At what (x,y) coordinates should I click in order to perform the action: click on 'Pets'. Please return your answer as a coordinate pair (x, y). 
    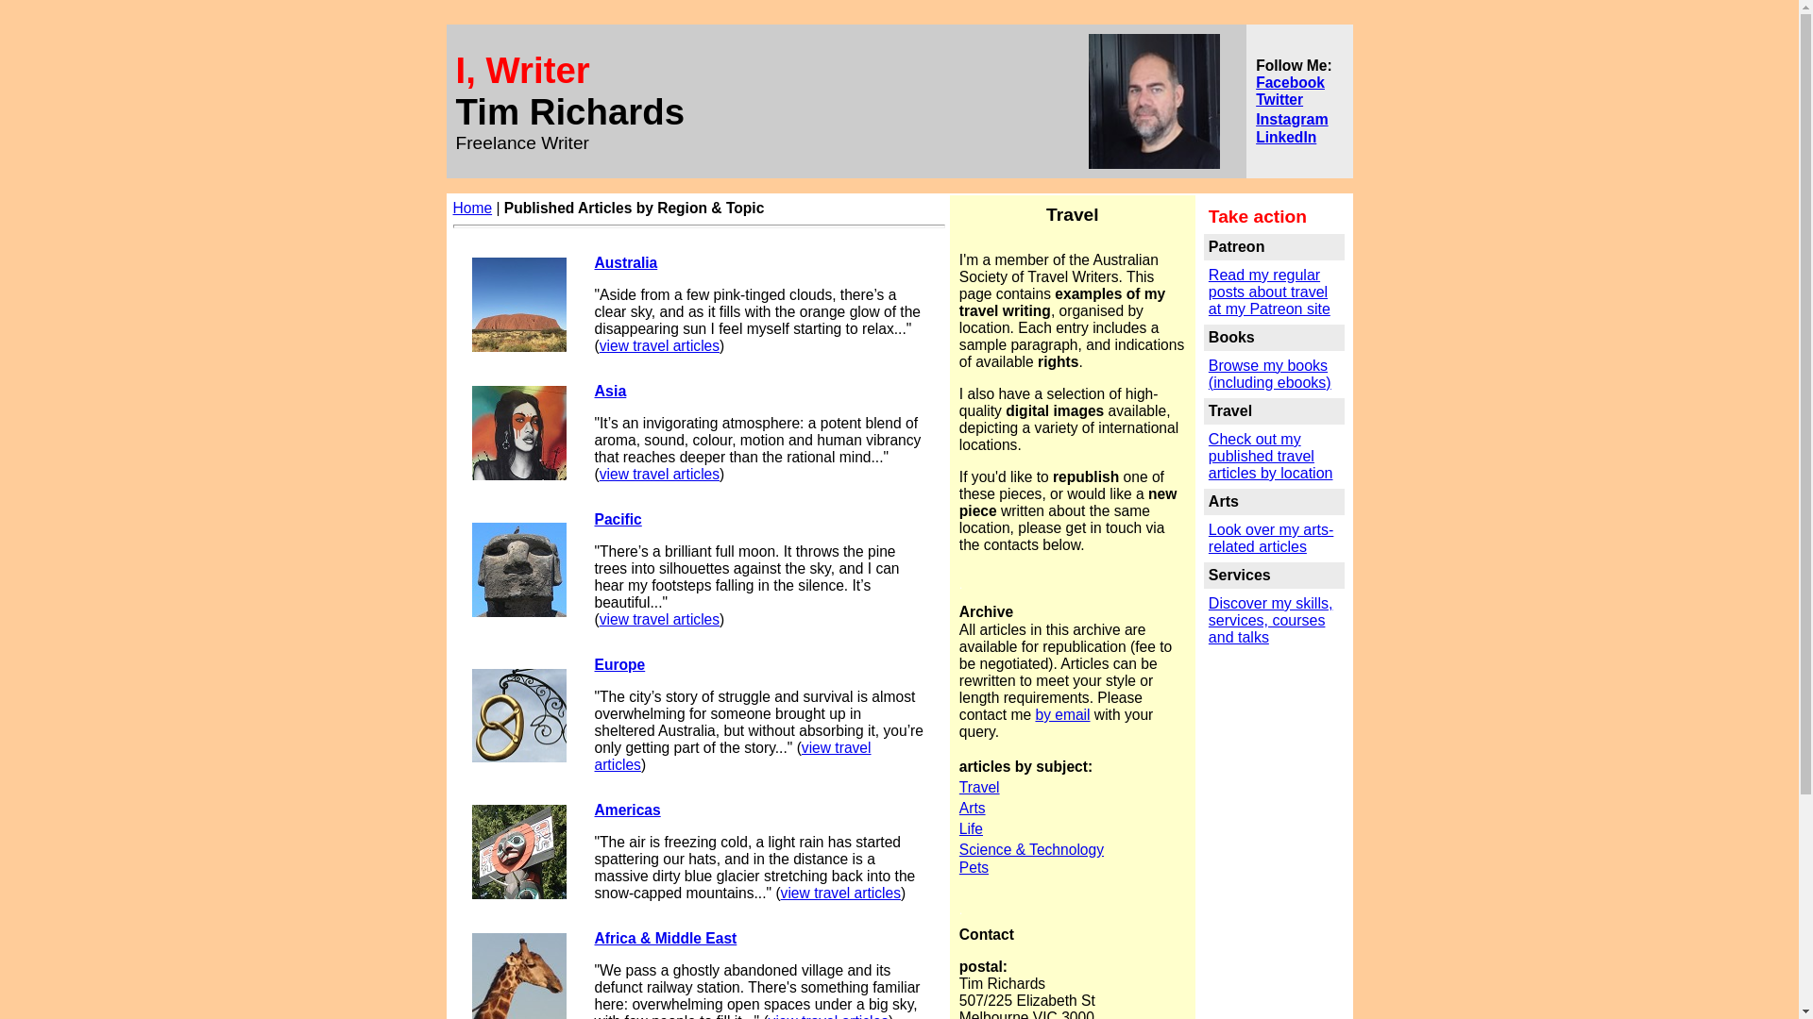
    Looking at the image, I should click on (959, 867).